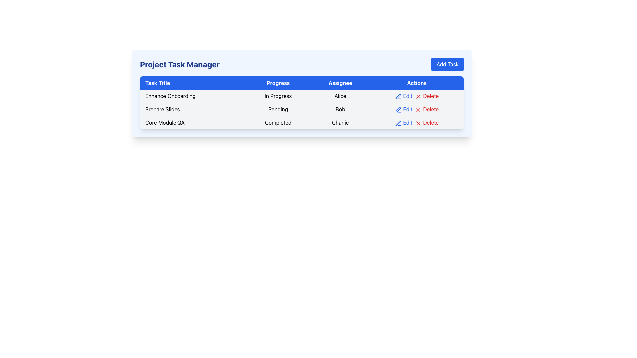 The width and height of the screenshot is (637, 358). Describe the element at coordinates (398, 123) in the screenshot. I see `the pen icon in the 'Actions' column of the table corresponding to the 'Edit' action for the 'Core Module QA' task` at that location.